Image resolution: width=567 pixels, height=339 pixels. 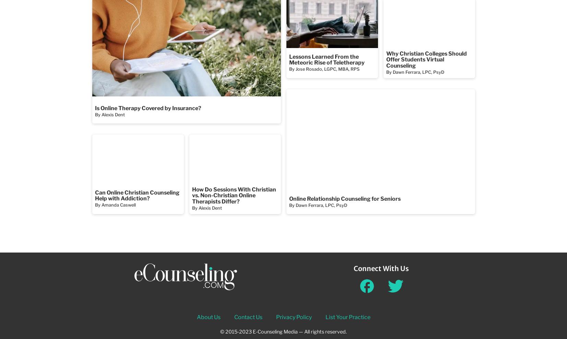 What do you see at coordinates (344, 199) in the screenshot?
I see `'Online Relationship Counseling for Seniors'` at bounding box center [344, 199].